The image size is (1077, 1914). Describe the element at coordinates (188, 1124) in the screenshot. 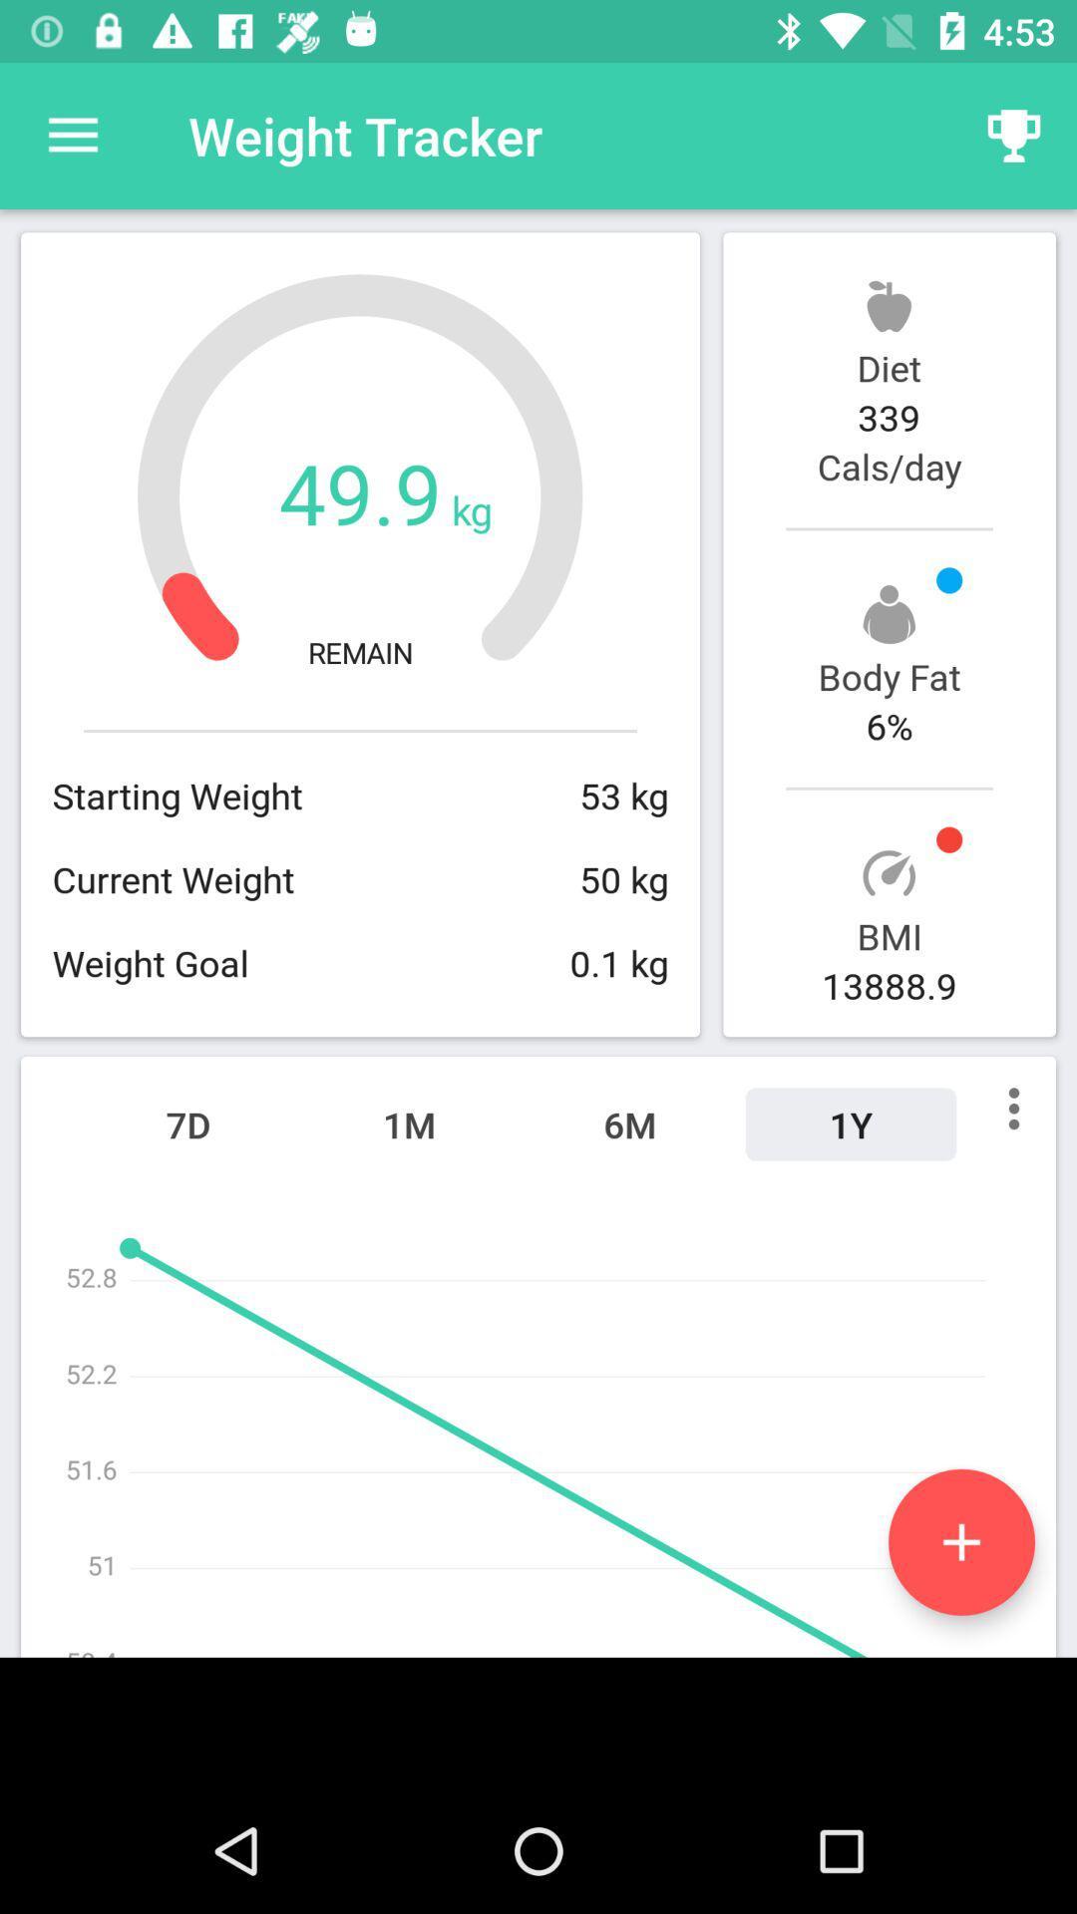

I see `icon to the left of the 1m` at that location.